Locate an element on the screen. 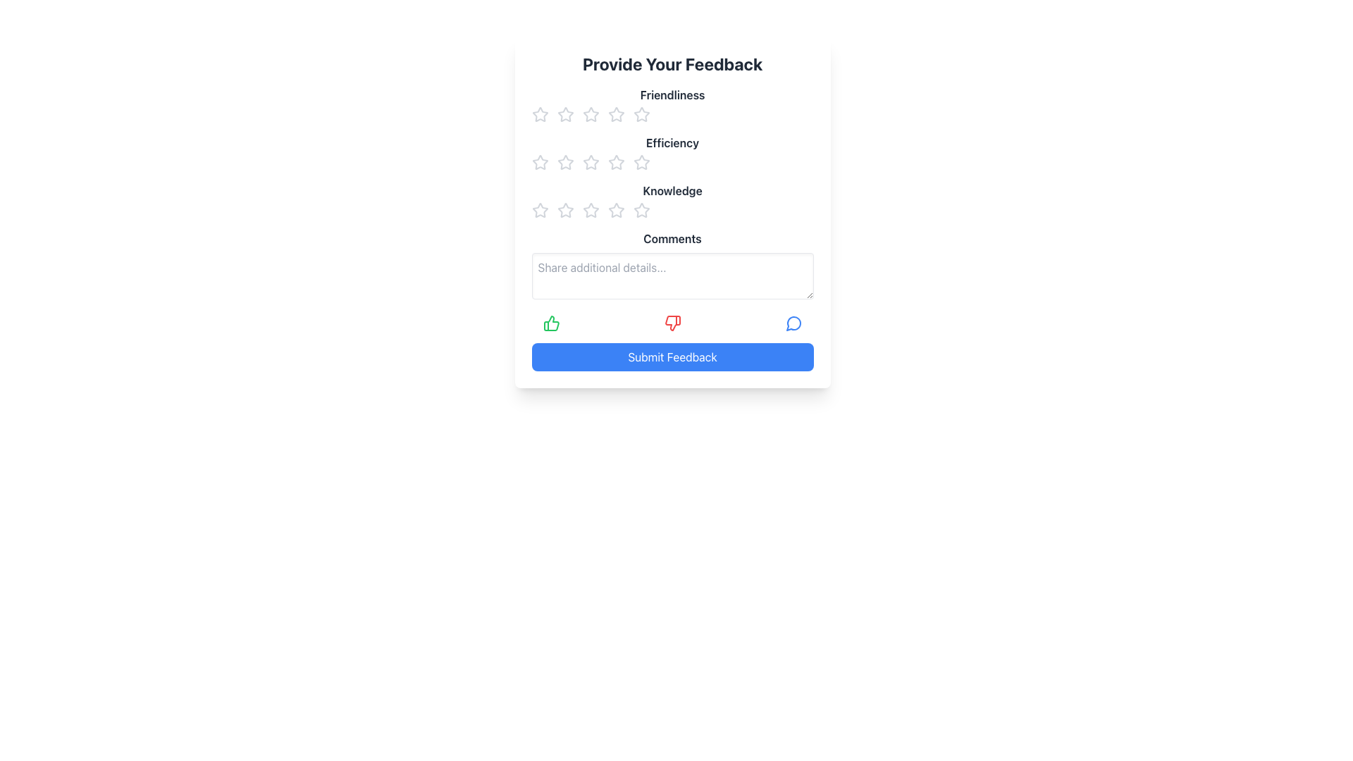 This screenshot has height=761, width=1353. the second outlined star icon in the rating system under the 'Friendliness' label in the feedback form is located at coordinates (591, 113).